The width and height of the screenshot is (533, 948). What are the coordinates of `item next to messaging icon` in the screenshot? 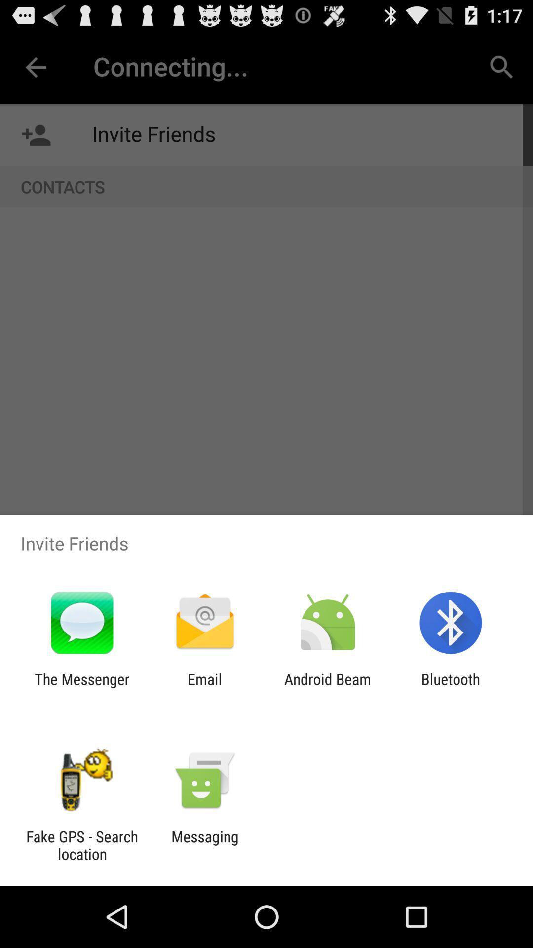 It's located at (81, 845).